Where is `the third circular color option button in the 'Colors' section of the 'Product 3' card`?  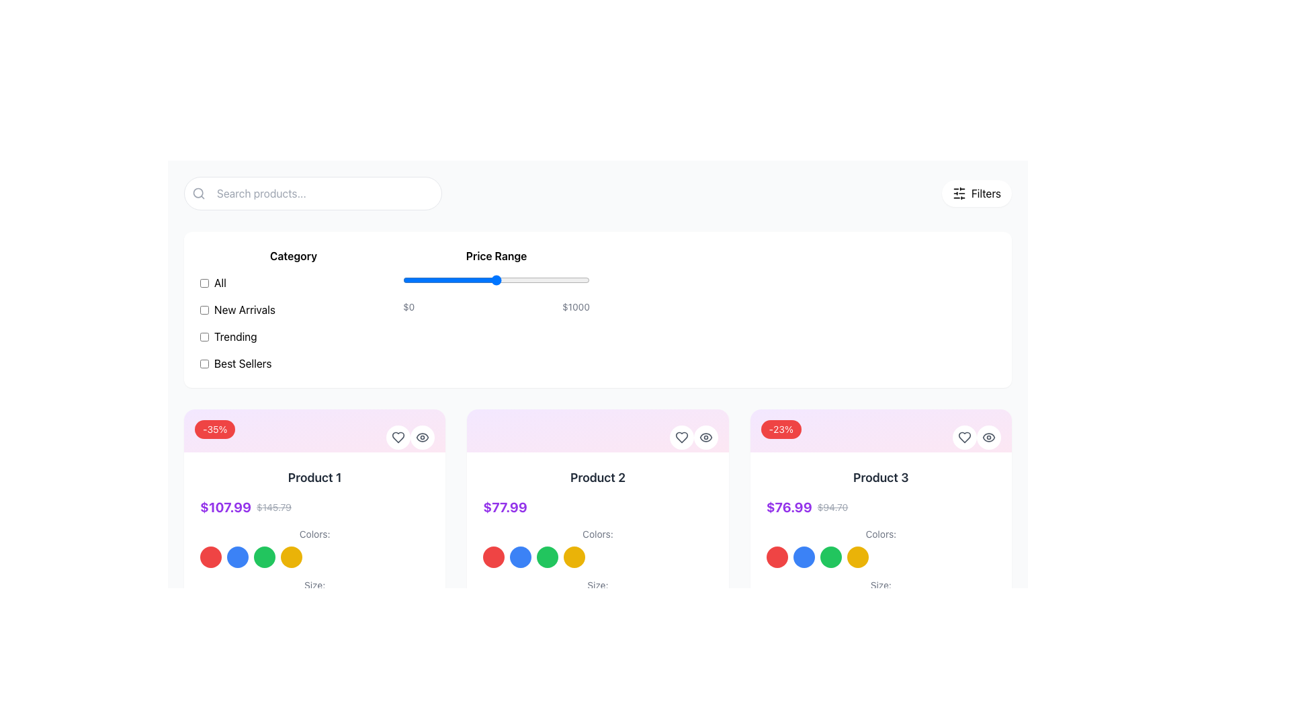 the third circular color option button in the 'Colors' section of the 'Product 3' card is located at coordinates (830, 557).